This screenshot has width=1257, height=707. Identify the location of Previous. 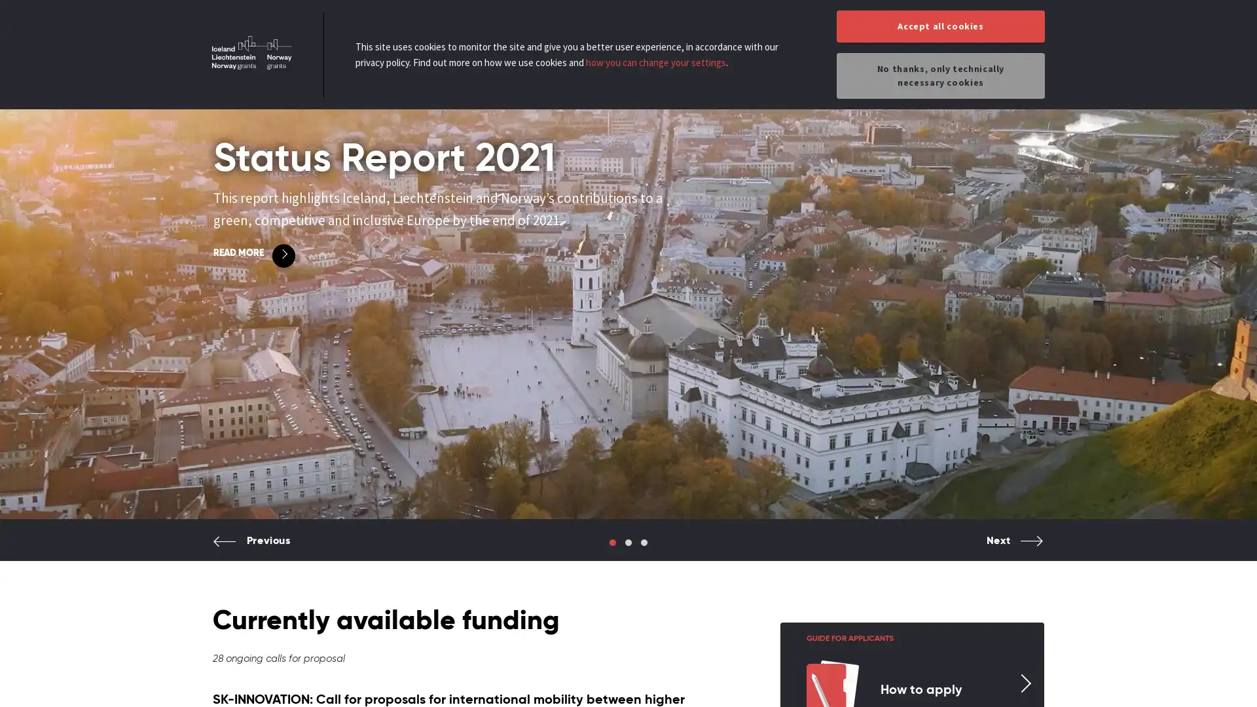
(251, 551).